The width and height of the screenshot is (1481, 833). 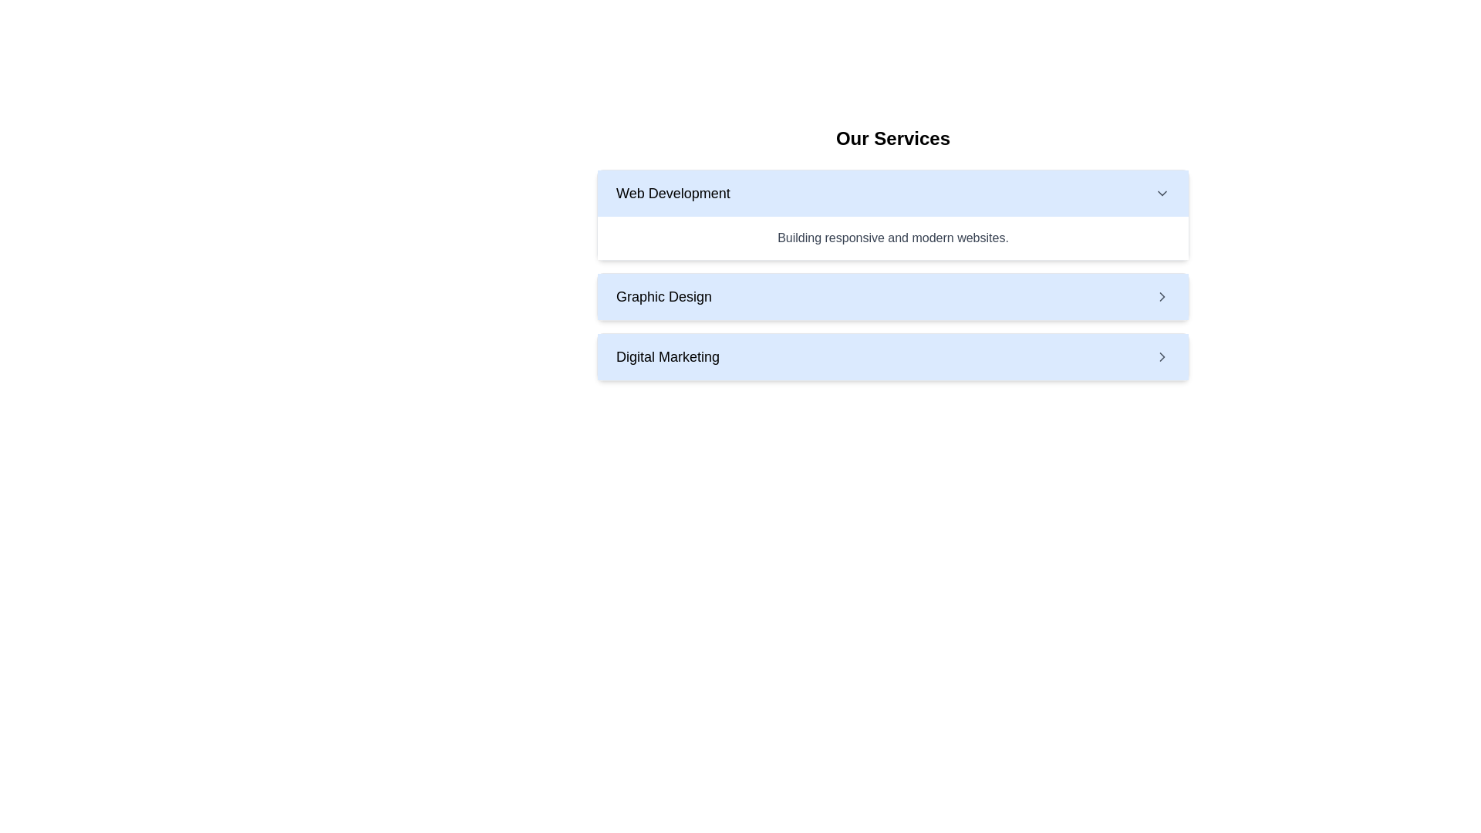 What do you see at coordinates (1162, 297) in the screenshot?
I see `the right-facing chevron icon located to the far right of the 'Graphic Design' row` at bounding box center [1162, 297].